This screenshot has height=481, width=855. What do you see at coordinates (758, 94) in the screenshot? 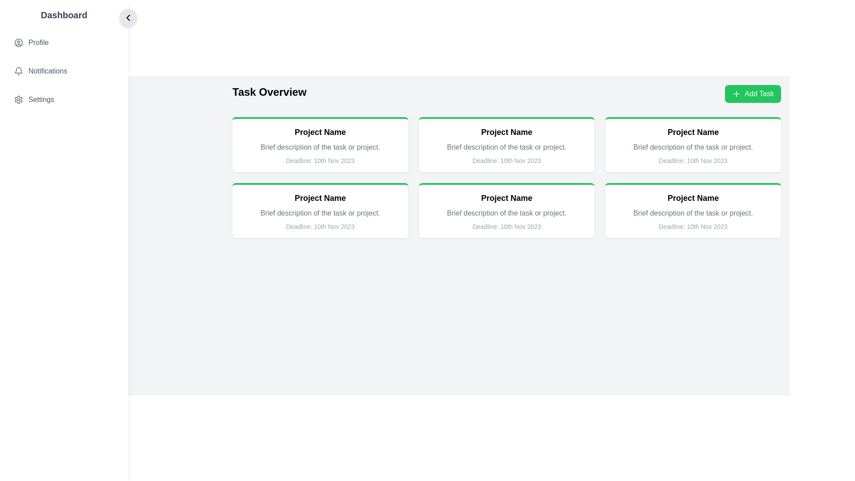
I see `the 'Add Task' button located at the top-right corner of the main panel, which has a green background and rounded corners` at bounding box center [758, 94].